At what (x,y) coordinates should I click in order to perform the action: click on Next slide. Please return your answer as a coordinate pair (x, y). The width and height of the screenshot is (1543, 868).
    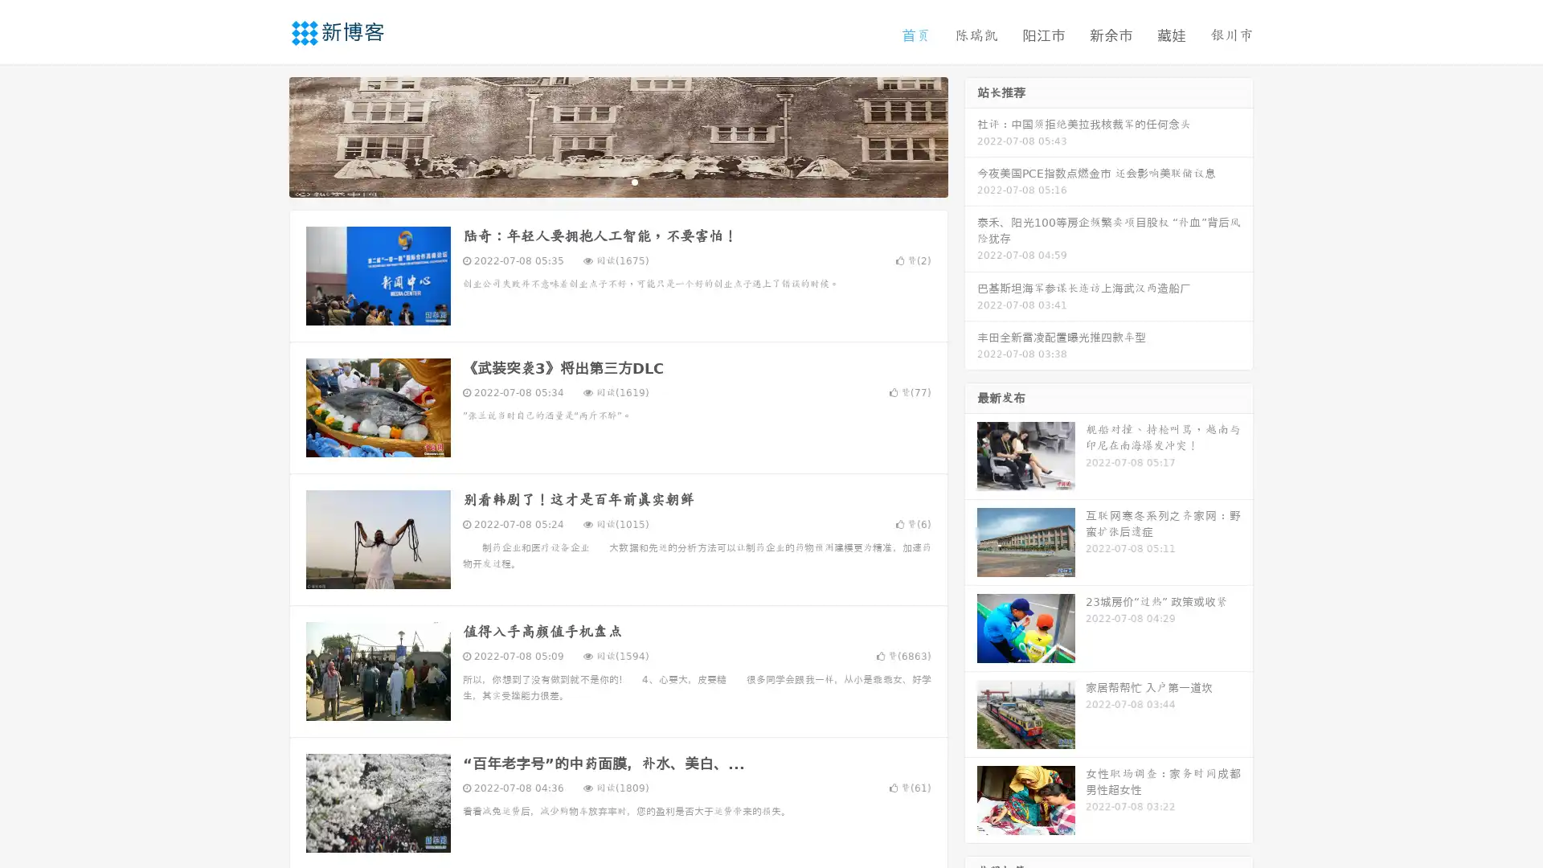
    Looking at the image, I should click on (971, 135).